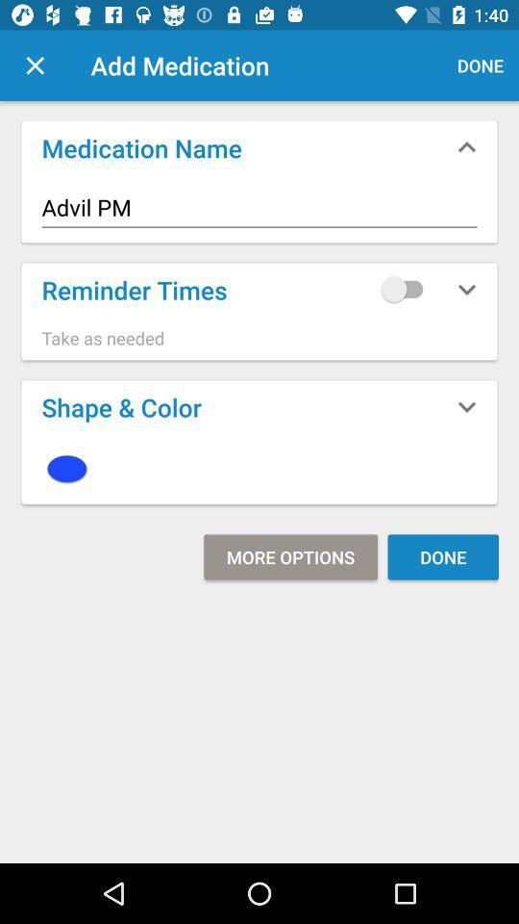  What do you see at coordinates (406, 288) in the screenshot?
I see `reminder times` at bounding box center [406, 288].